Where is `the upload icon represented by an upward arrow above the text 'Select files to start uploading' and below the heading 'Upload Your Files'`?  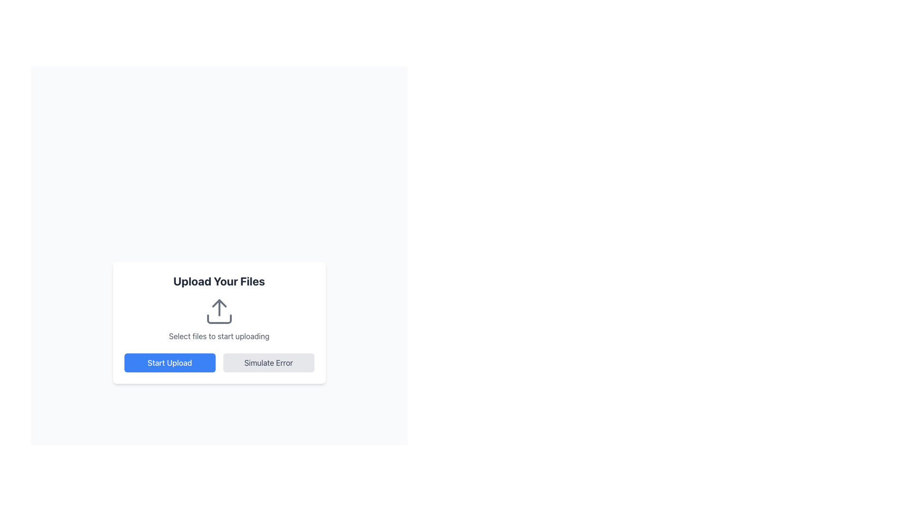 the upload icon represented by an upward arrow above the text 'Select files to start uploading' and below the heading 'Upload Your Files' is located at coordinates (218, 311).